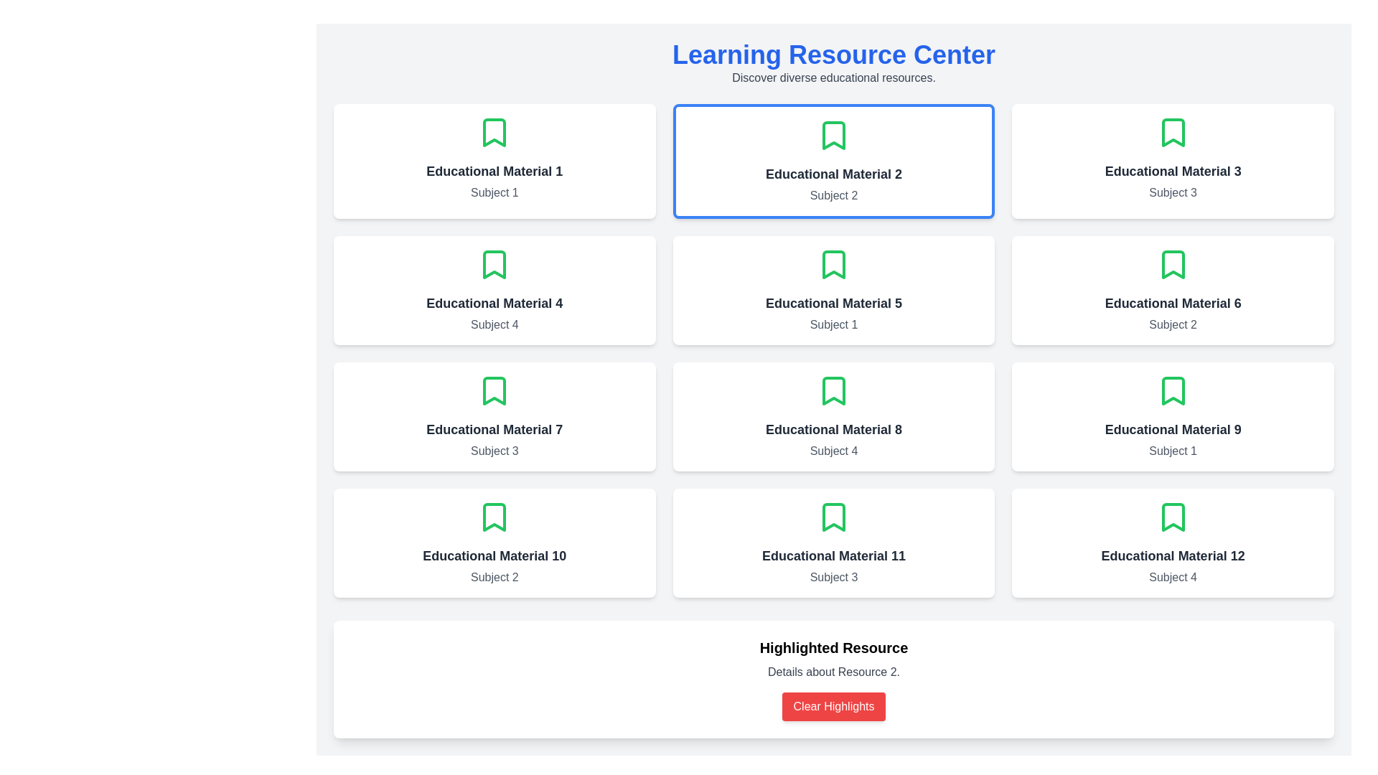 The height and width of the screenshot is (775, 1378). What do you see at coordinates (833, 705) in the screenshot?
I see `the rectangular button with a bold red background and white text reading 'Clear Highlights'` at bounding box center [833, 705].